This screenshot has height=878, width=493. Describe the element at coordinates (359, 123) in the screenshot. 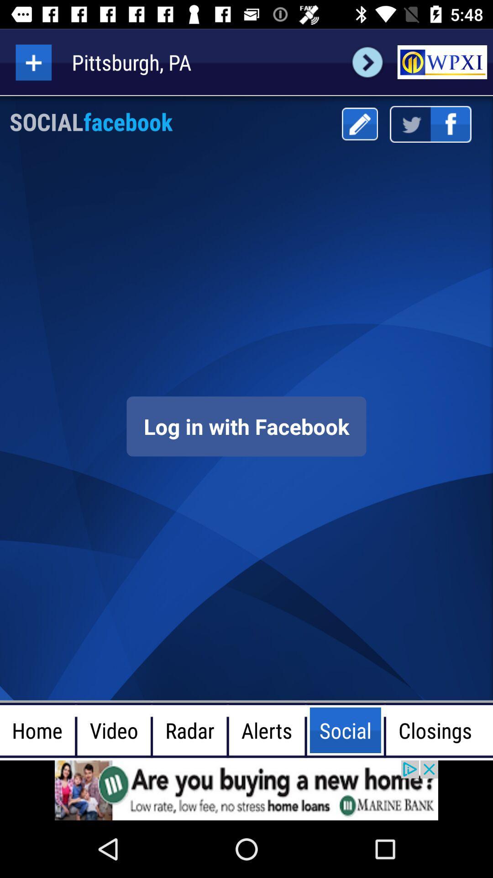

I see `the edit icon` at that location.